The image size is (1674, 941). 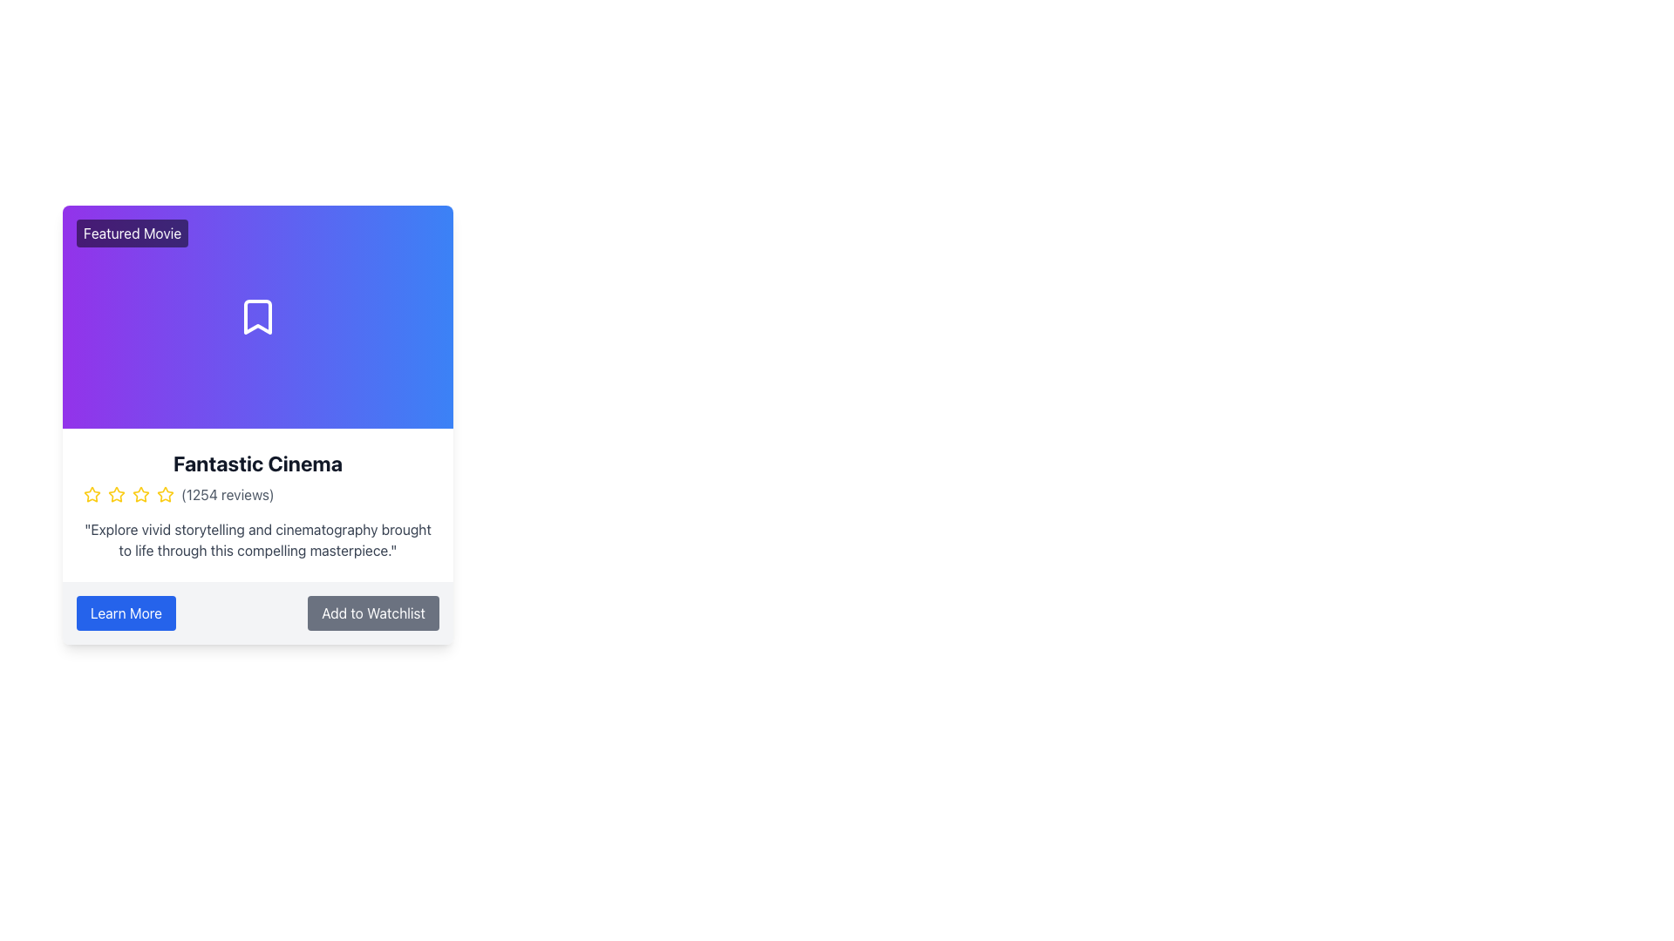 I want to click on the third star icon, which is styled with a yellow fill and a thin black outline, located under the title 'Fantastic Cinema' and next to the label '(1254 reviews)', so click(x=141, y=494).